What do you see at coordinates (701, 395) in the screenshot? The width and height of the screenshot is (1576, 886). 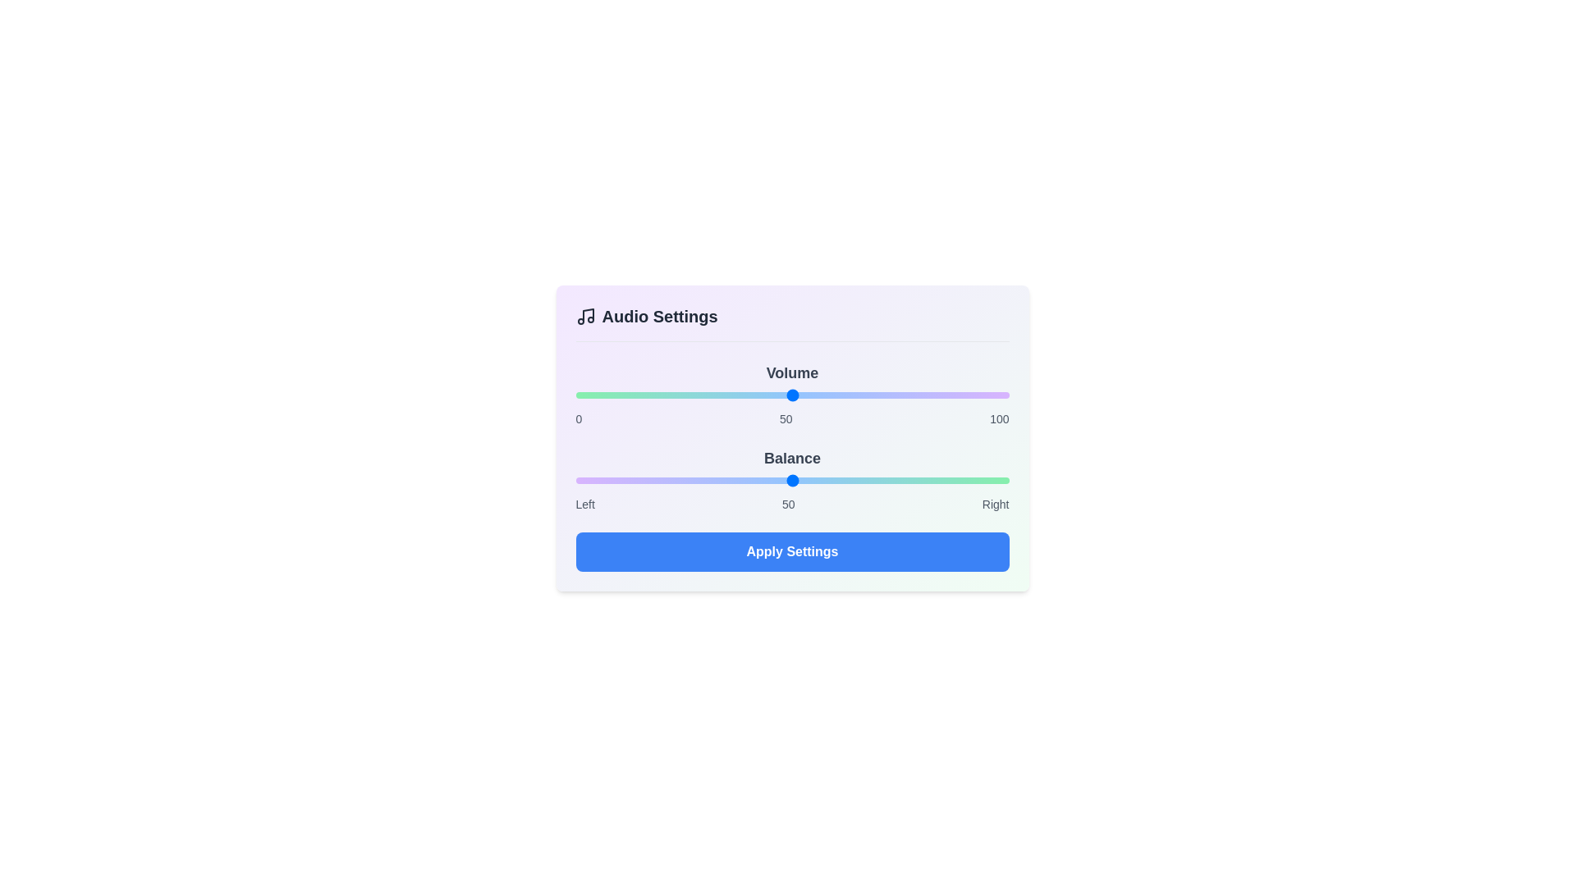 I see `the volume level` at bounding box center [701, 395].